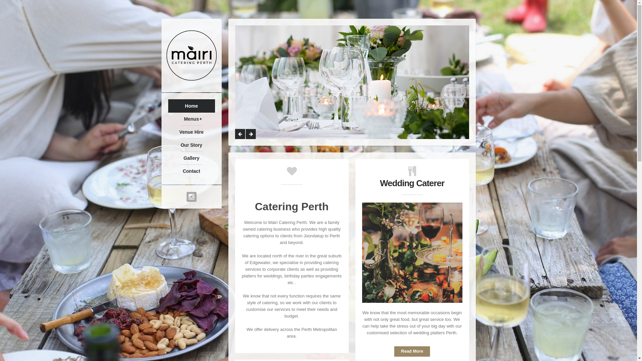 The height and width of the screenshot is (361, 642). Describe the element at coordinates (191, 105) in the screenshot. I see `'Home'` at that location.